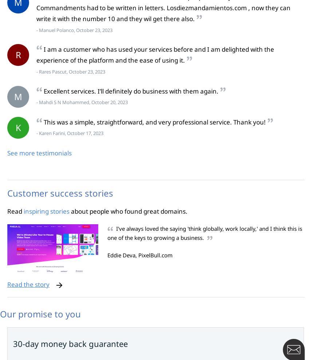  I want to click on 'Our promise to you', so click(40, 314).